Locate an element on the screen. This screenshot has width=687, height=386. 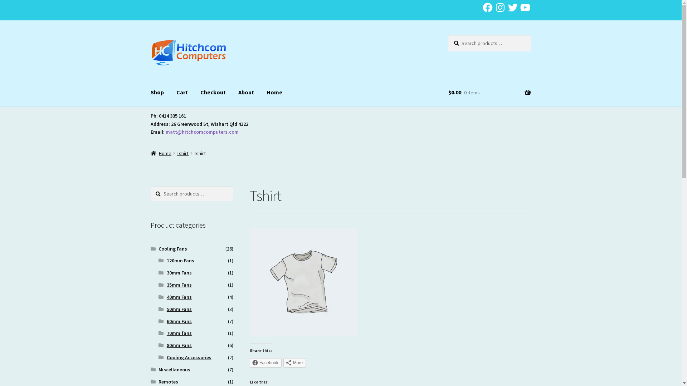
'30mm Fans' is located at coordinates (179, 273).